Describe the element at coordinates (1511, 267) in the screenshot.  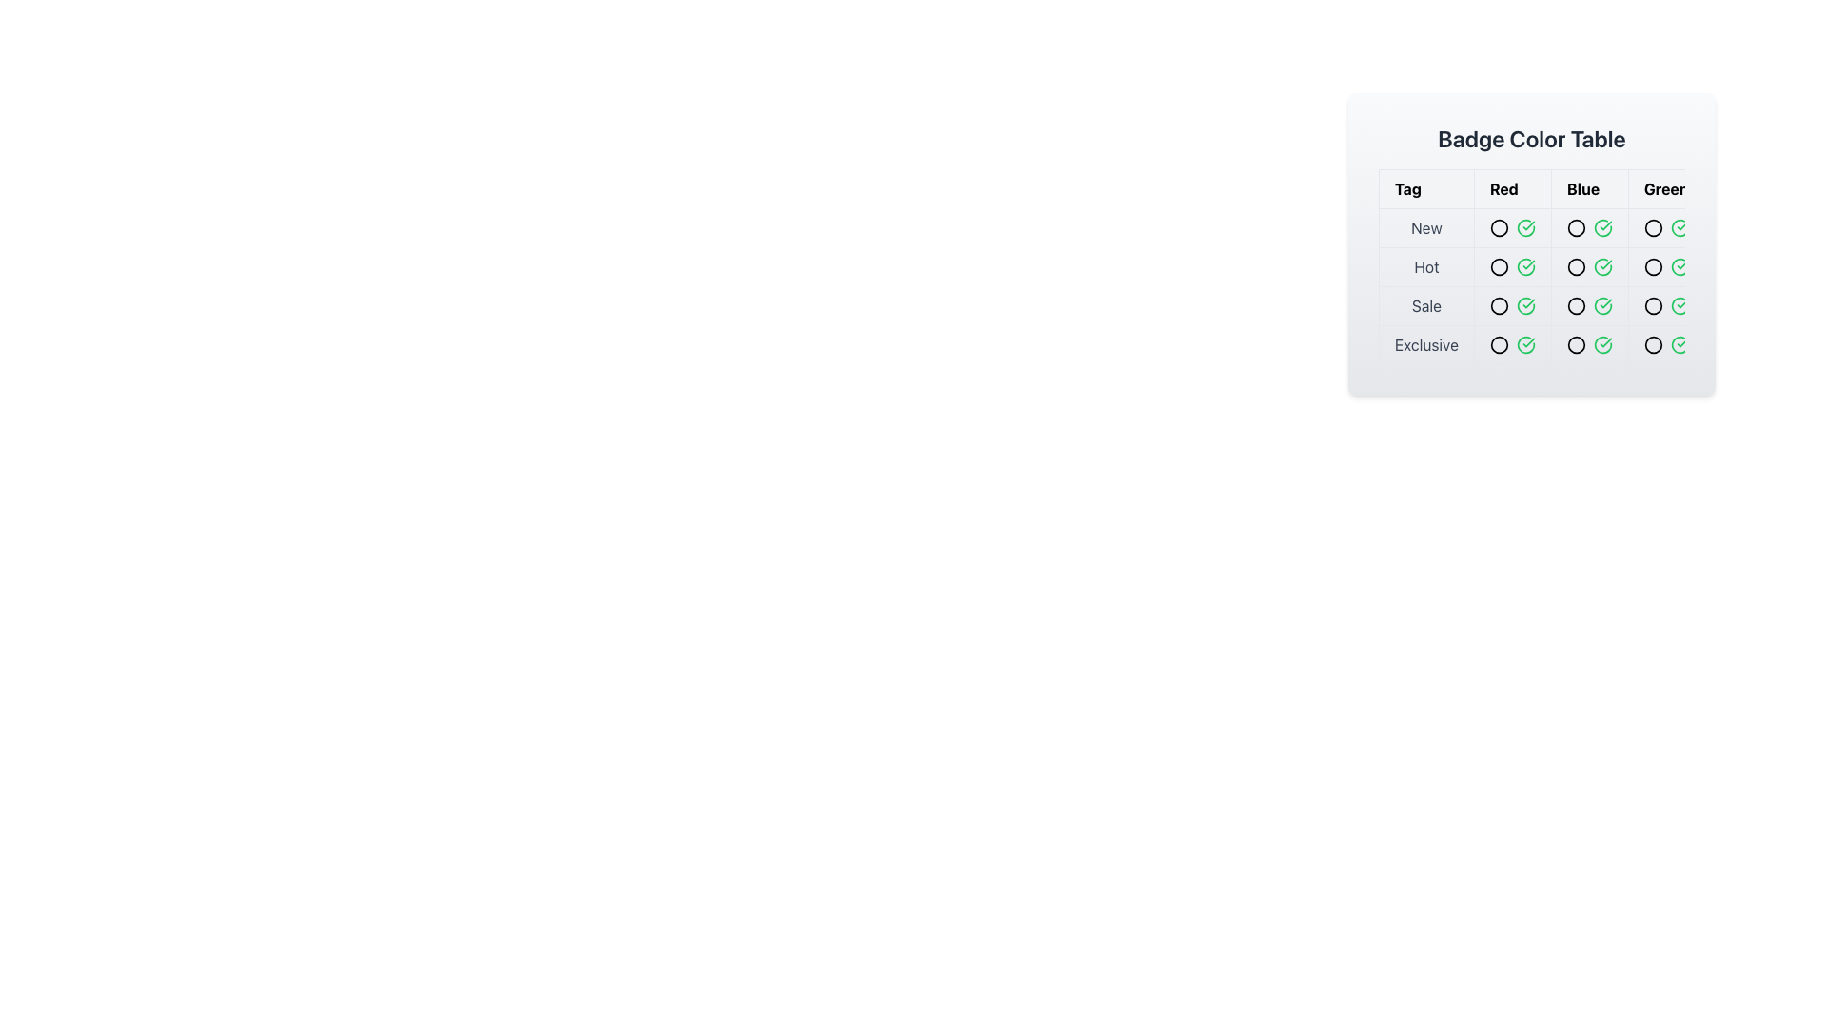
I see `the Icon group in the second cell of the second row labeled 'Hot' in the 'Badge Color Table'` at that location.